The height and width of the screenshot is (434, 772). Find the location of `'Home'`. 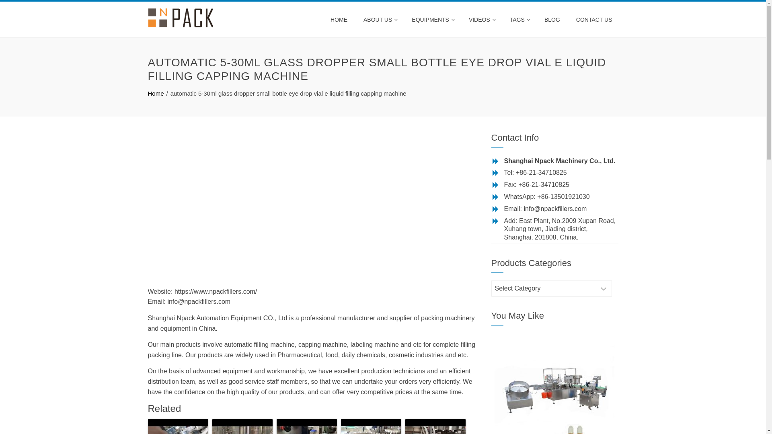

'Home' is located at coordinates (156, 93).